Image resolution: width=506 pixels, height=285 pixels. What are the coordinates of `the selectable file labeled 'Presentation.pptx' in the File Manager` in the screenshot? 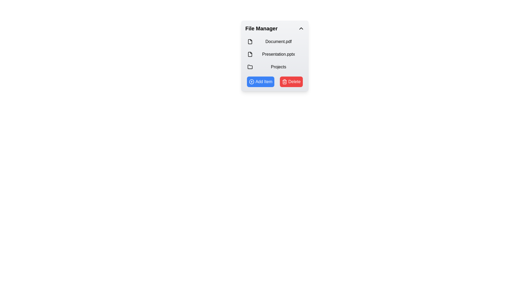 It's located at (274, 54).